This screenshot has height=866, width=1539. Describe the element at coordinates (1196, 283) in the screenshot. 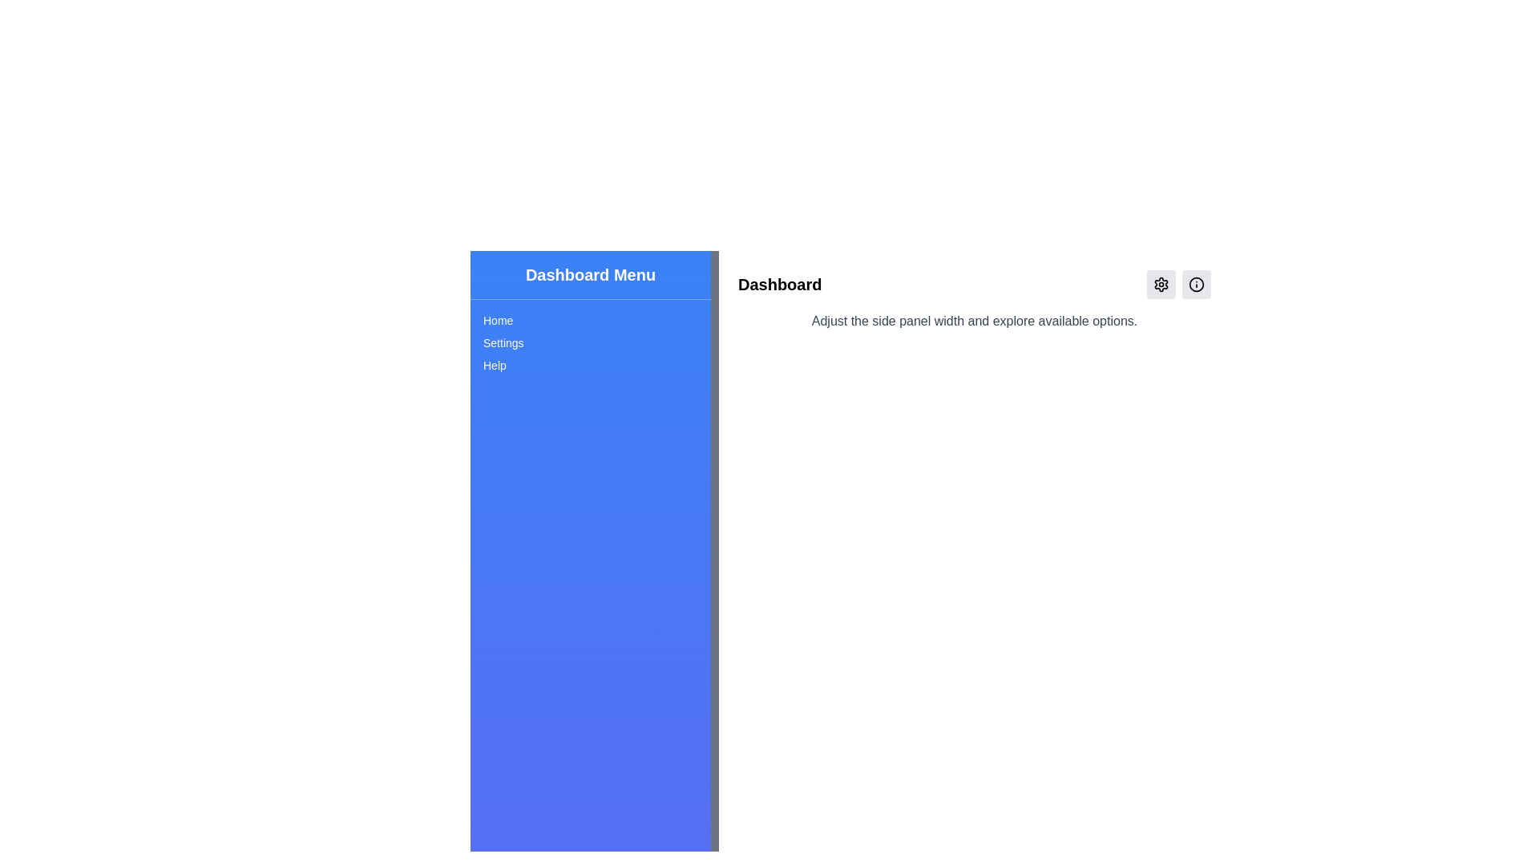

I see `the help button located in the top-right area of the interface, next to the gear icon button` at that location.